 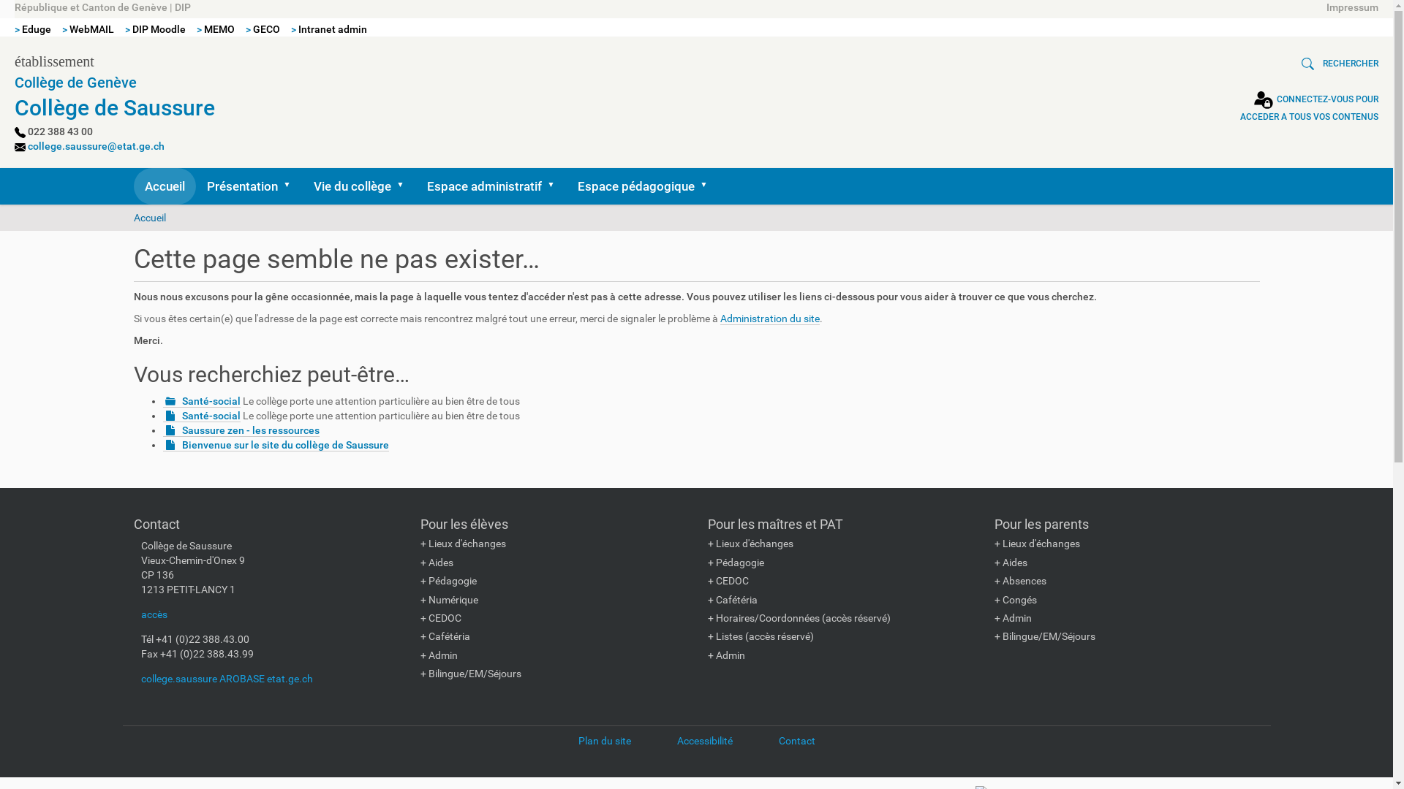 I want to click on '> Eduge', so click(x=14, y=28).